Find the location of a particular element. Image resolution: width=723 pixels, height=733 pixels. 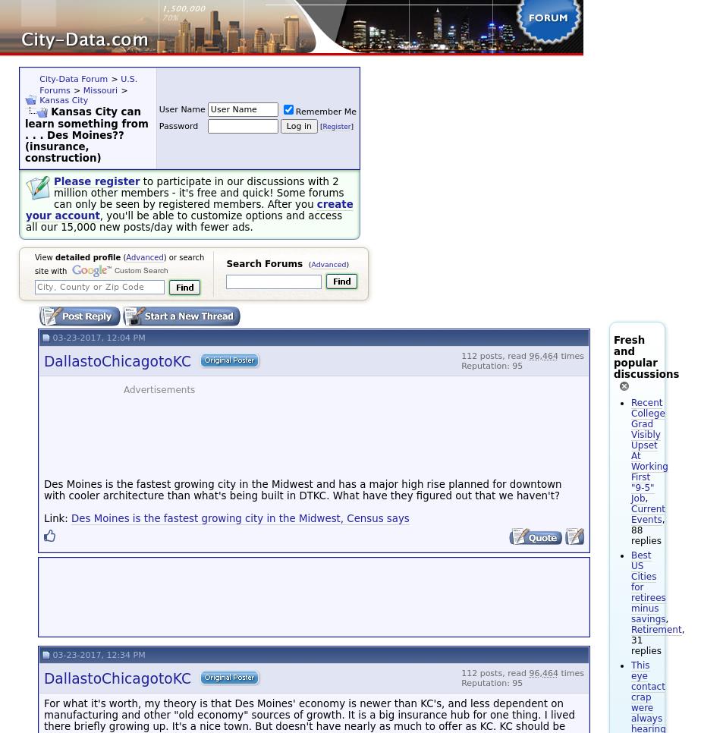

'Des Moines is the fastest growing city in the Midwest and has a major high rise planned for downtown with cooler architecture than what's being built in DTKC.  What have they figured out that we haven't?' is located at coordinates (302, 488).